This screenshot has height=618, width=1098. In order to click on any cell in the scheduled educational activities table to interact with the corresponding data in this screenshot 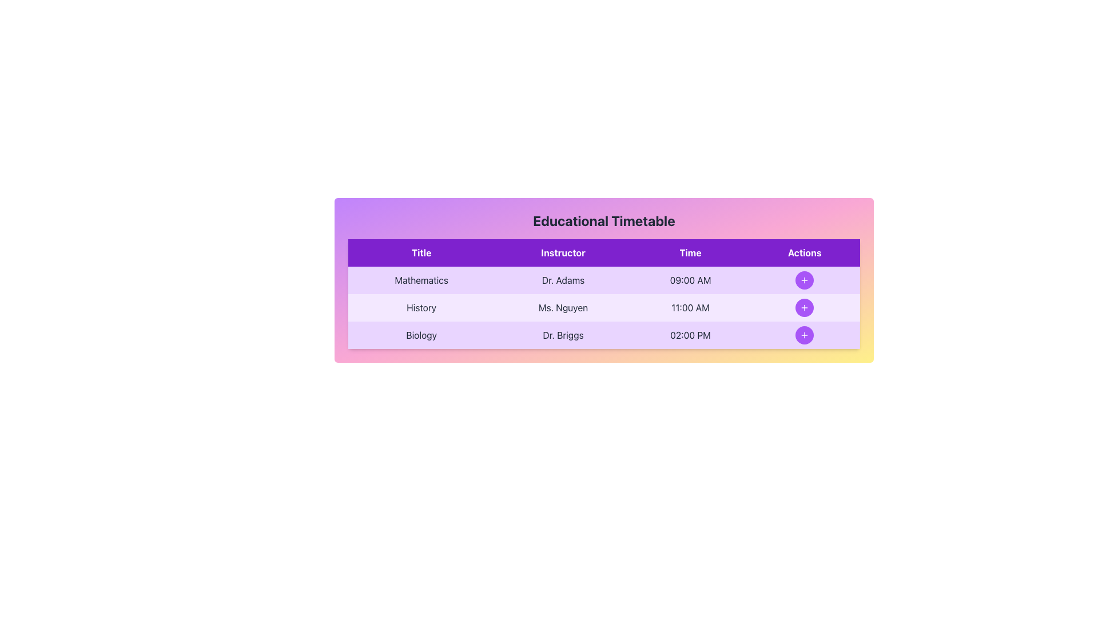, I will do `click(603, 280)`.